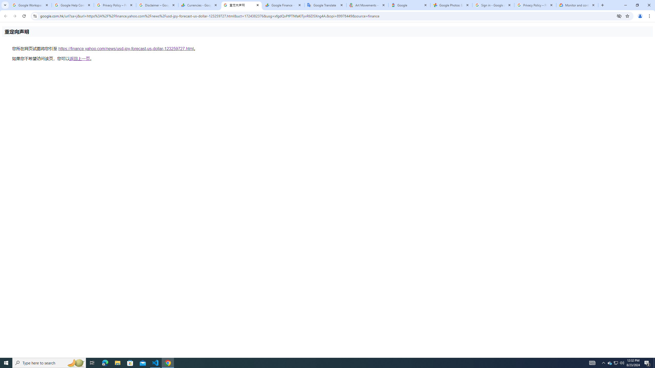 The width and height of the screenshot is (655, 368). Describe the element at coordinates (30, 5) in the screenshot. I see `'Google Workspace Admin Community'` at that location.